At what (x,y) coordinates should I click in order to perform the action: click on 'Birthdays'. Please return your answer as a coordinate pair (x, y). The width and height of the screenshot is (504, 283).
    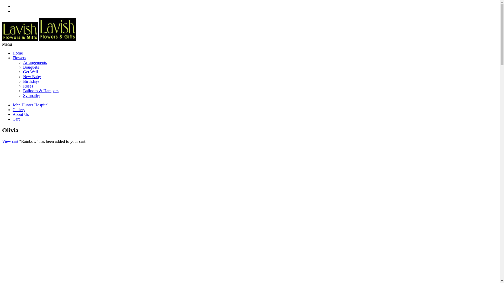
    Looking at the image, I should click on (31, 81).